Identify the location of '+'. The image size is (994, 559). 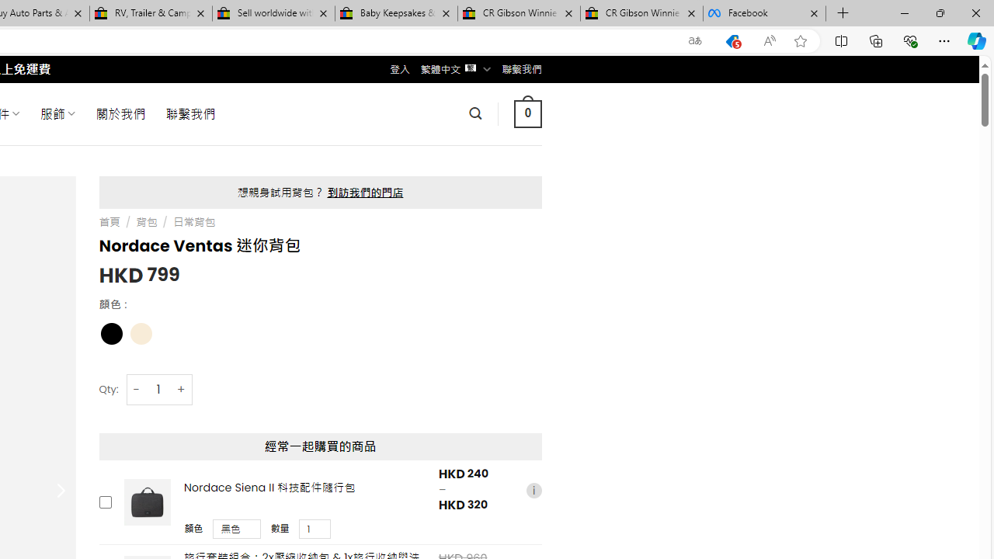
(182, 388).